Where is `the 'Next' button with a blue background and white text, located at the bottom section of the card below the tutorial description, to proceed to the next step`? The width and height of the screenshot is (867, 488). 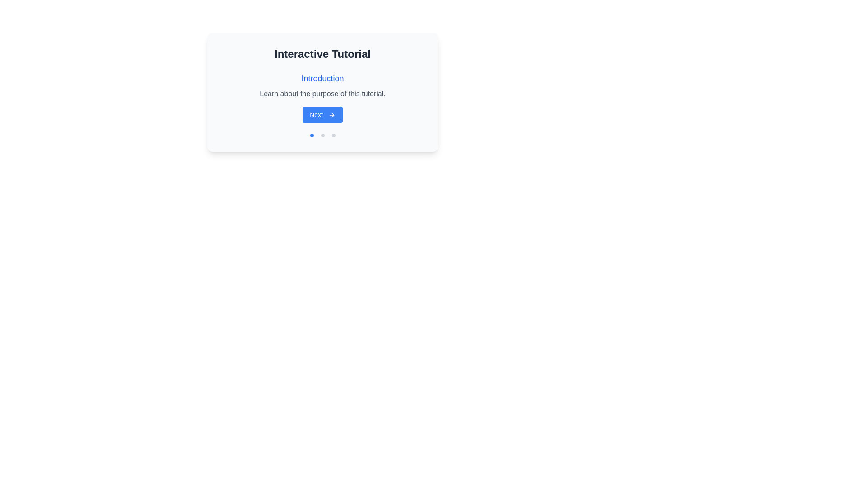
the 'Next' button with a blue background and white text, located at the bottom section of the card below the tutorial description, to proceed to the next step is located at coordinates (322, 114).